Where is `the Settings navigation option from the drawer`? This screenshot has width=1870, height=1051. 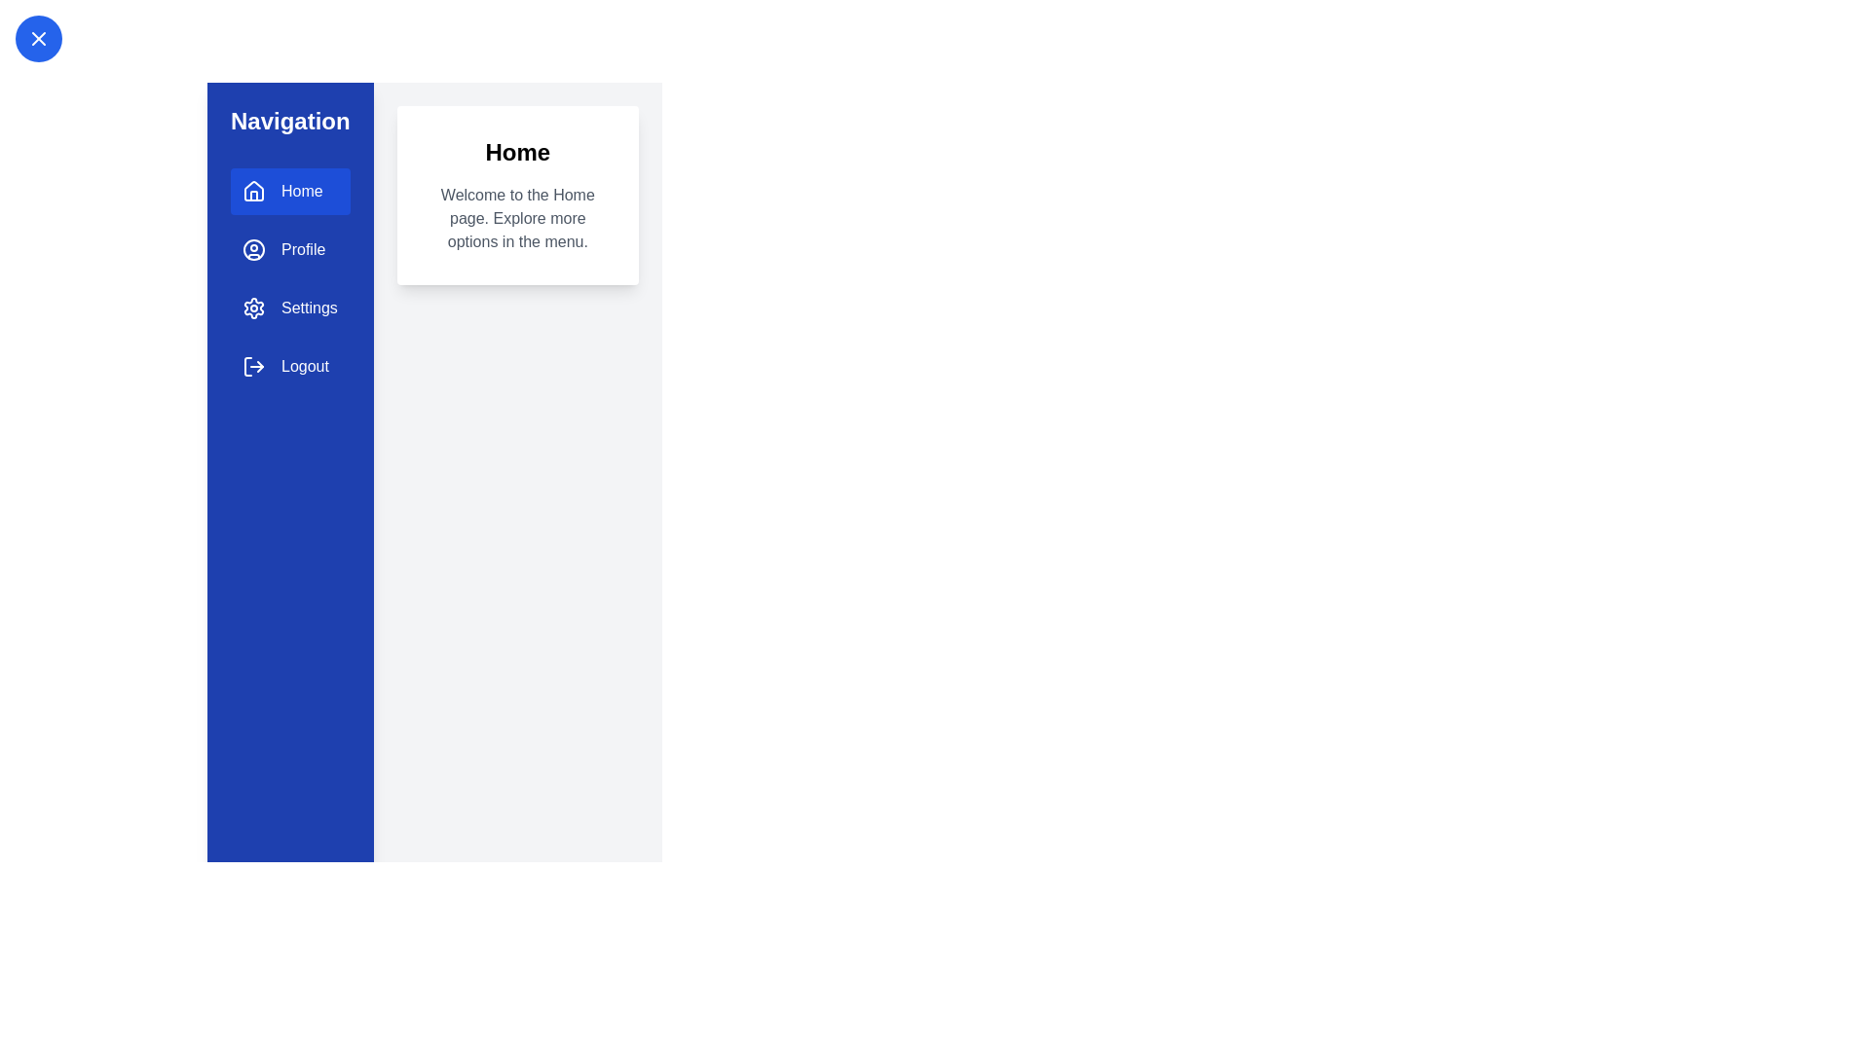 the Settings navigation option from the drawer is located at coordinates (288, 307).